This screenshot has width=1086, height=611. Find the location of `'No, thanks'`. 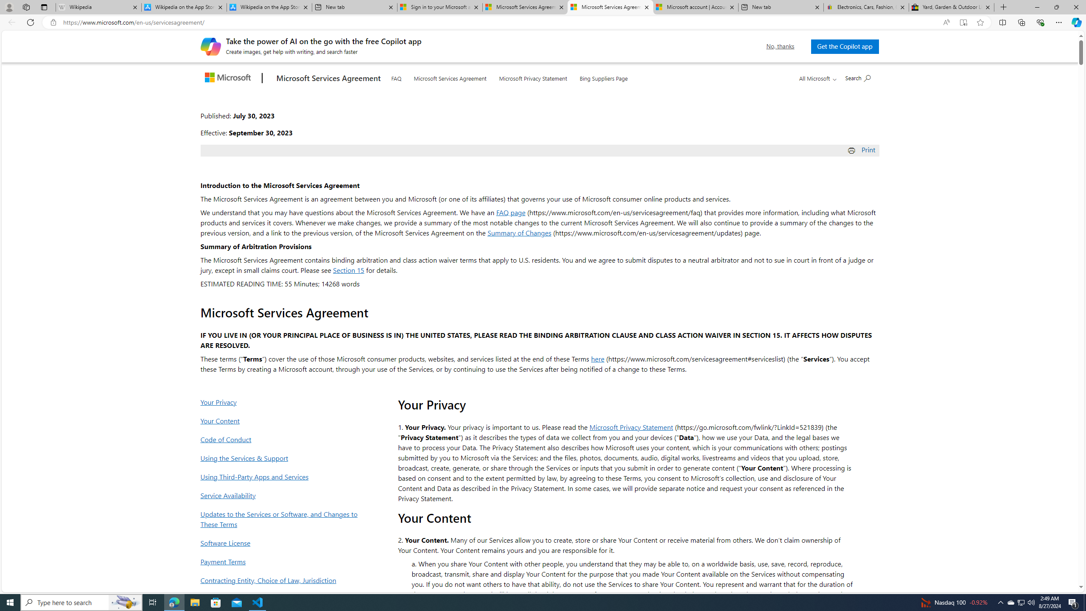

'No, thanks' is located at coordinates (780, 46).